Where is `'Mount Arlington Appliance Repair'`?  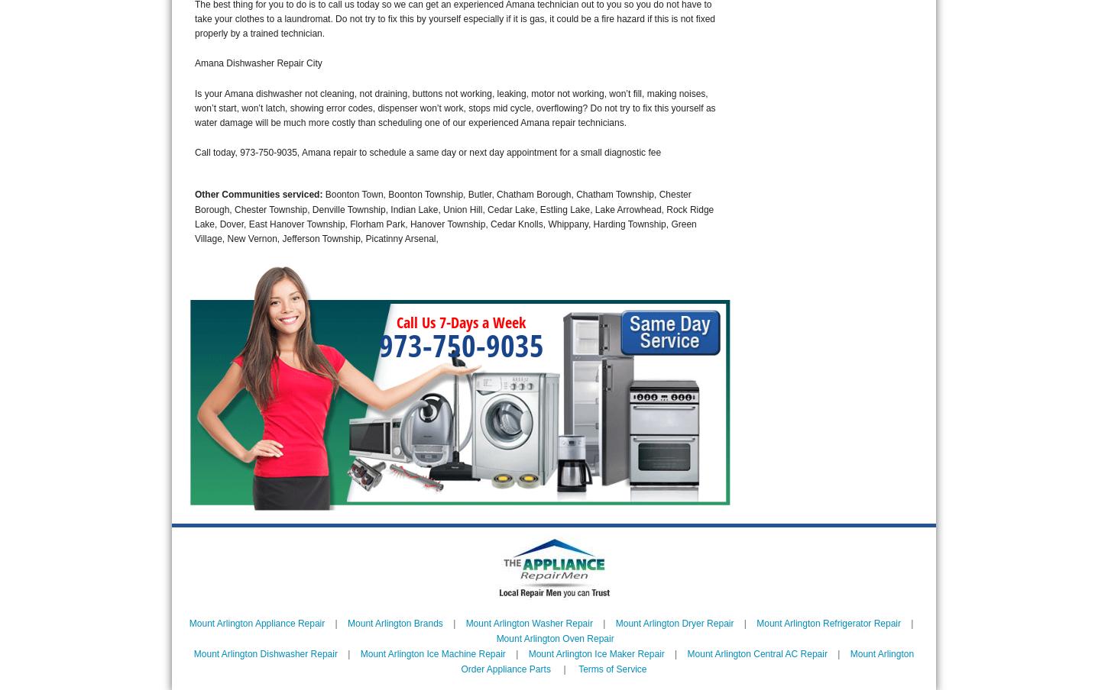 'Mount Arlington Appliance Repair' is located at coordinates (256, 622).